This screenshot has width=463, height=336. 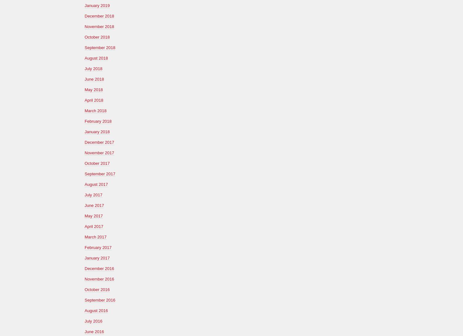 What do you see at coordinates (94, 79) in the screenshot?
I see `'June 2018'` at bounding box center [94, 79].